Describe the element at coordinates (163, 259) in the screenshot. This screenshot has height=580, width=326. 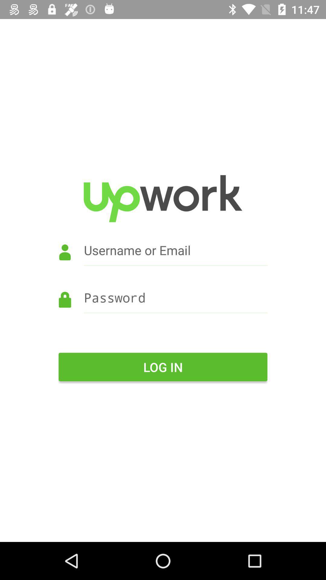
I see `username or email` at that location.